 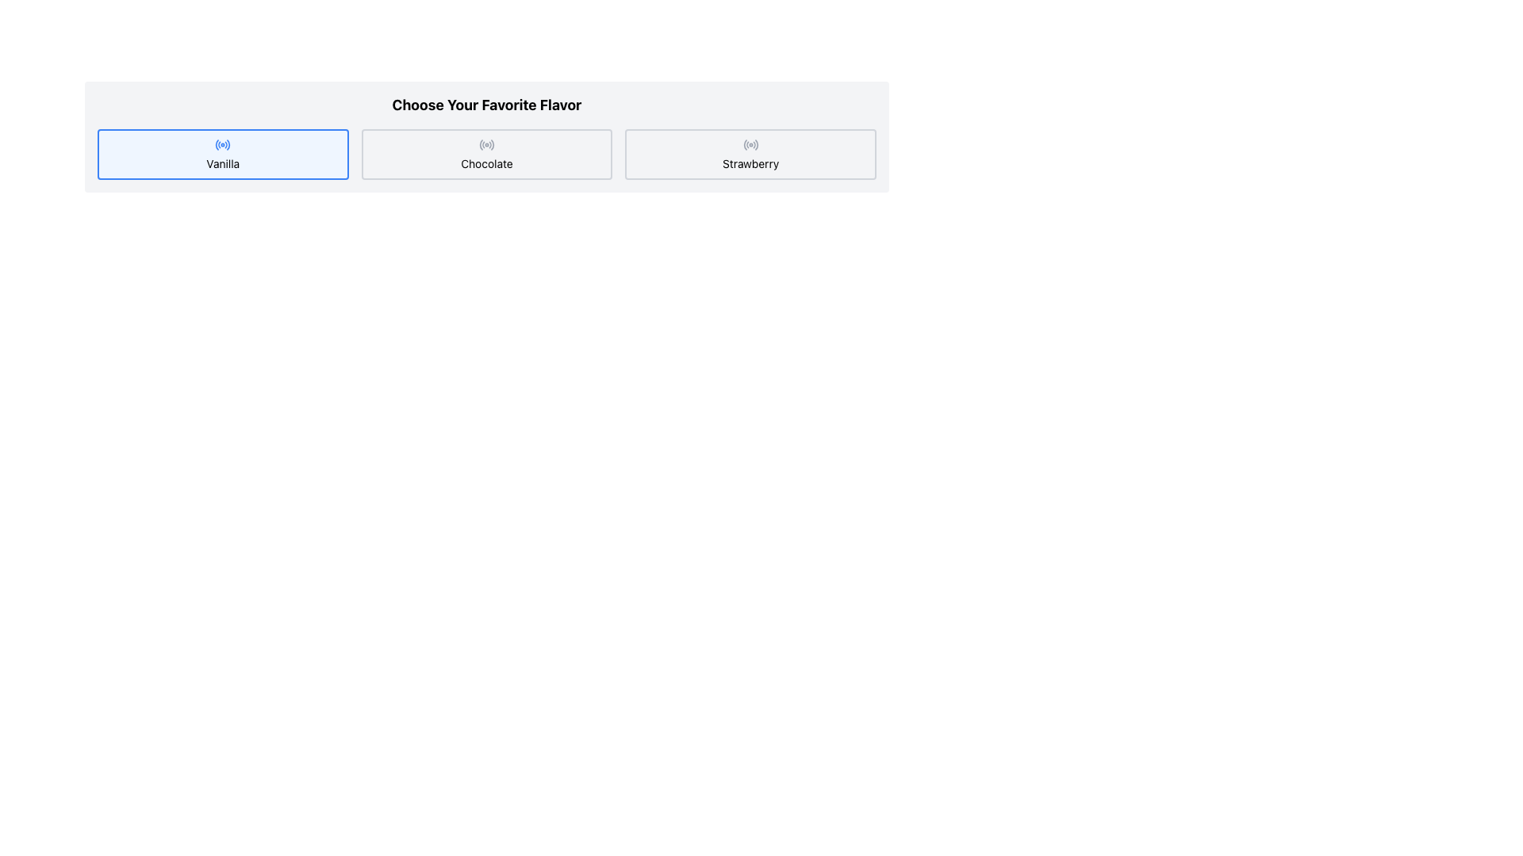 I want to click on the text label 'Strawberry', which is positioned directly below the radio button icon inside the third option labeled 'Strawberry', so click(x=750, y=164).